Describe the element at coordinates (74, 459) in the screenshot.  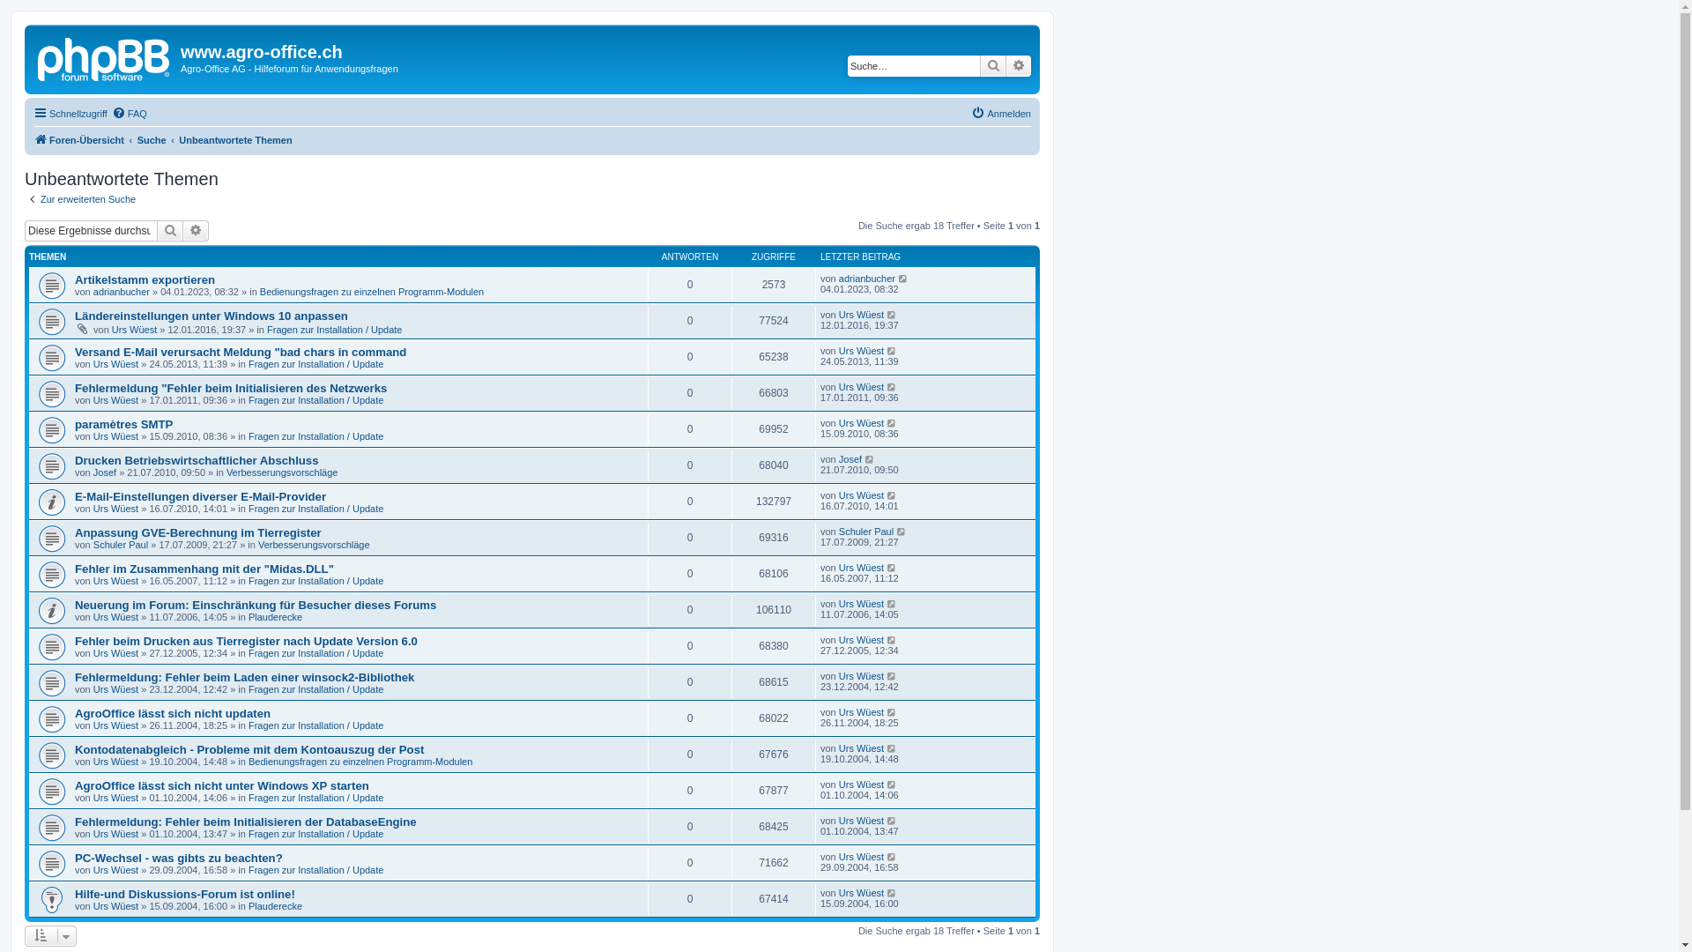
I see `'Drucken Betriebswirtschaftlicher Abschluss'` at that location.